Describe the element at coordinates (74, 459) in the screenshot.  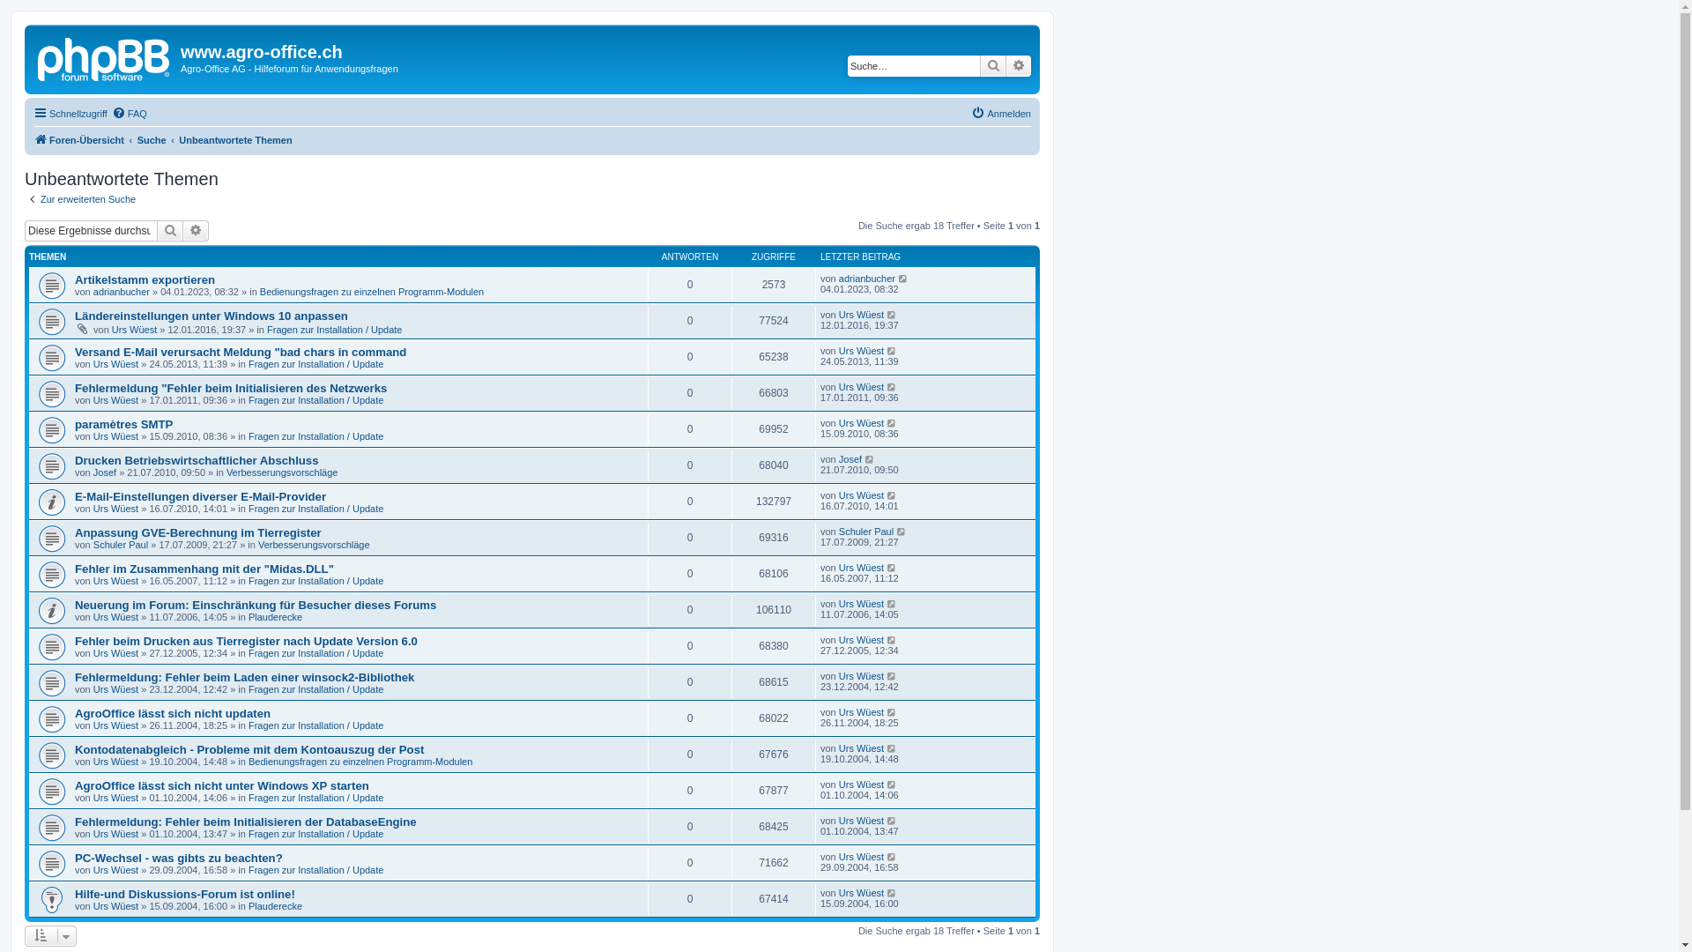
I see `'Drucken Betriebswirtschaftlicher Abschluss'` at that location.